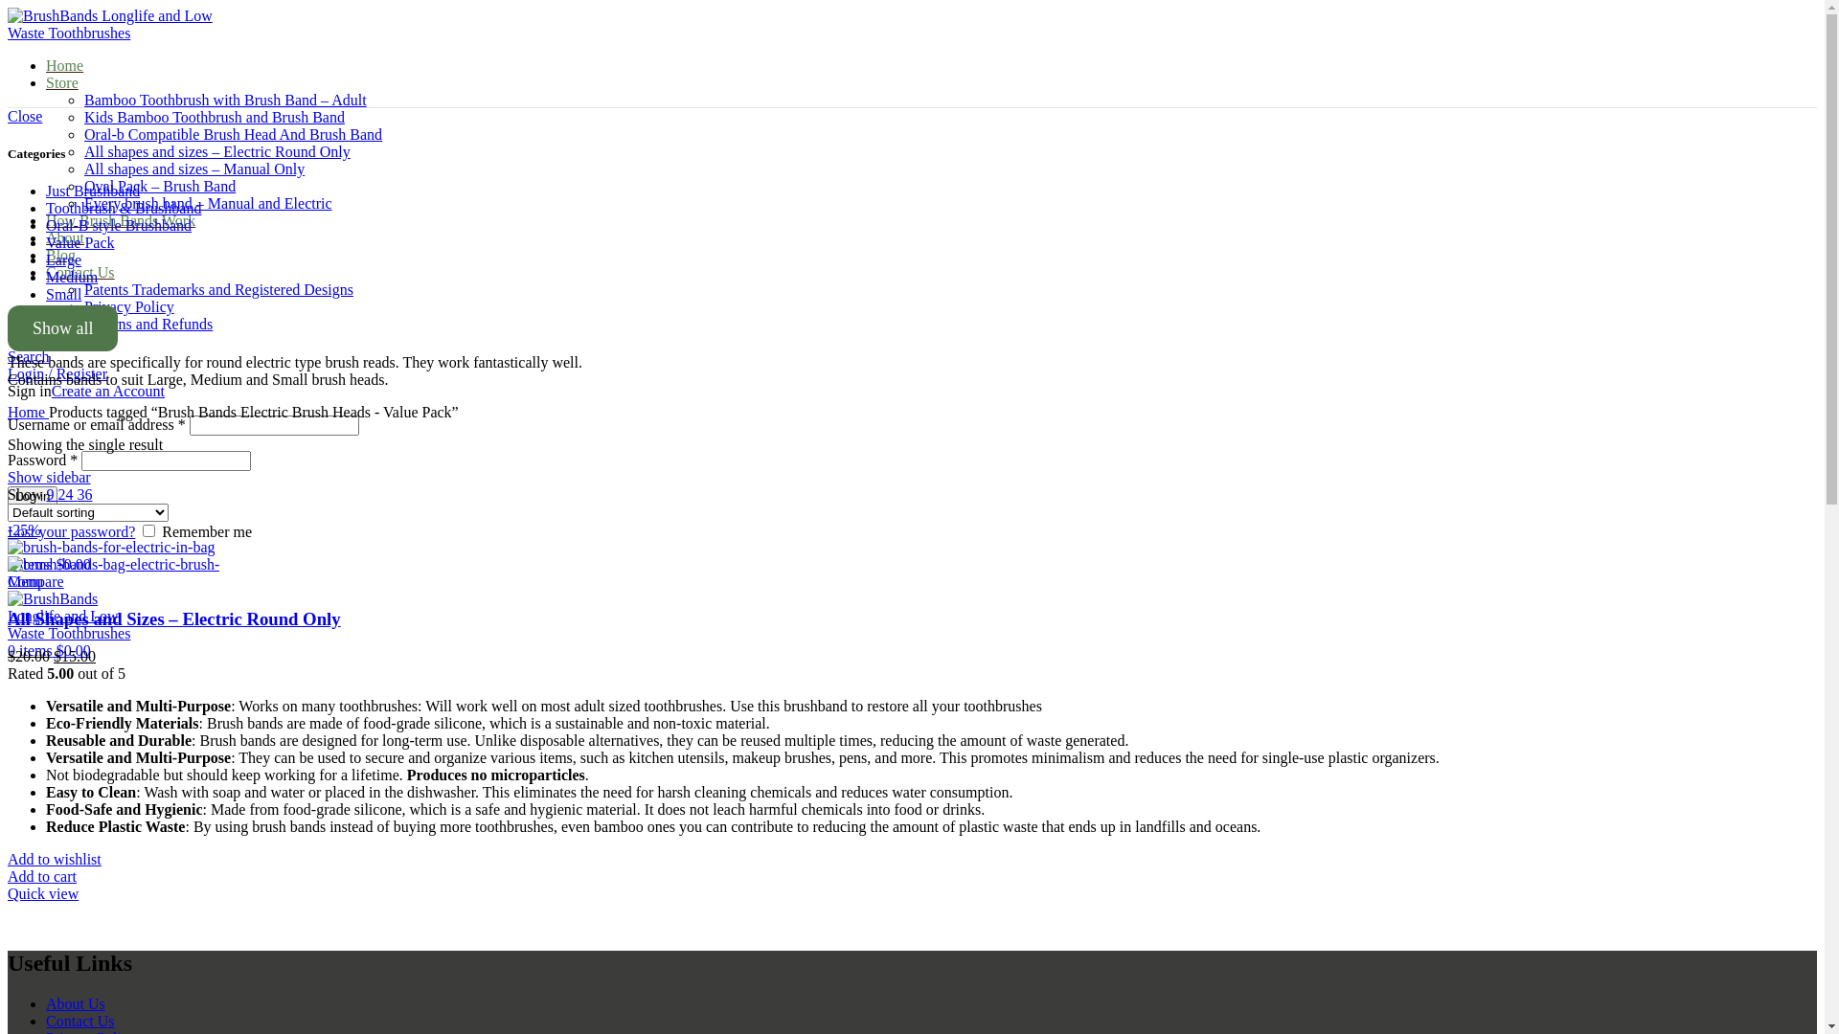 The width and height of the screenshot is (1839, 1034). I want to click on 'Compare', so click(35, 580).